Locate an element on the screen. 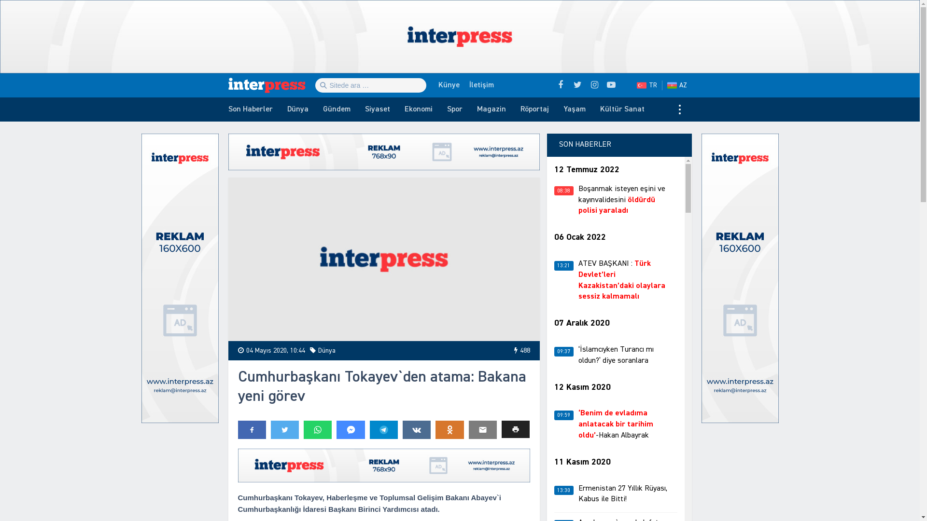  'Share: Whatsapp' is located at coordinates (317, 429).